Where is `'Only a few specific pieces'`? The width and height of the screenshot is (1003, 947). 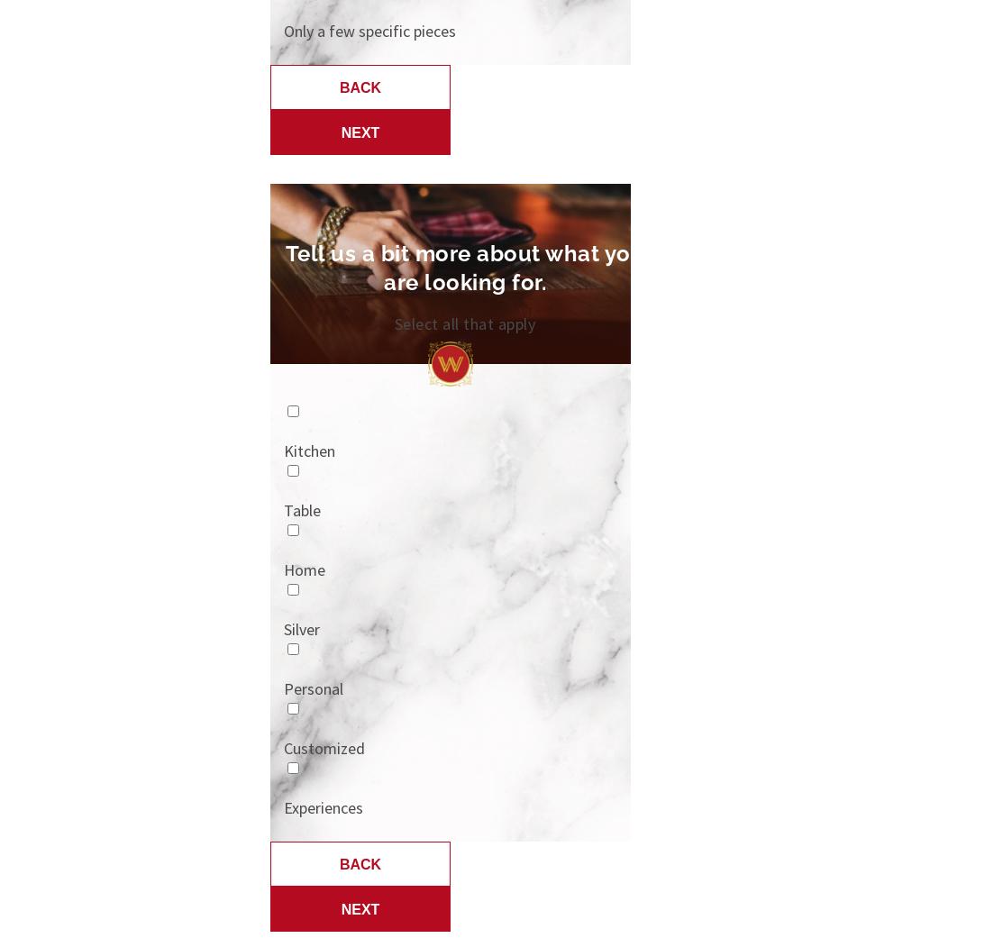 'Only a few specific pieces' is located at coordinates (369, 30).